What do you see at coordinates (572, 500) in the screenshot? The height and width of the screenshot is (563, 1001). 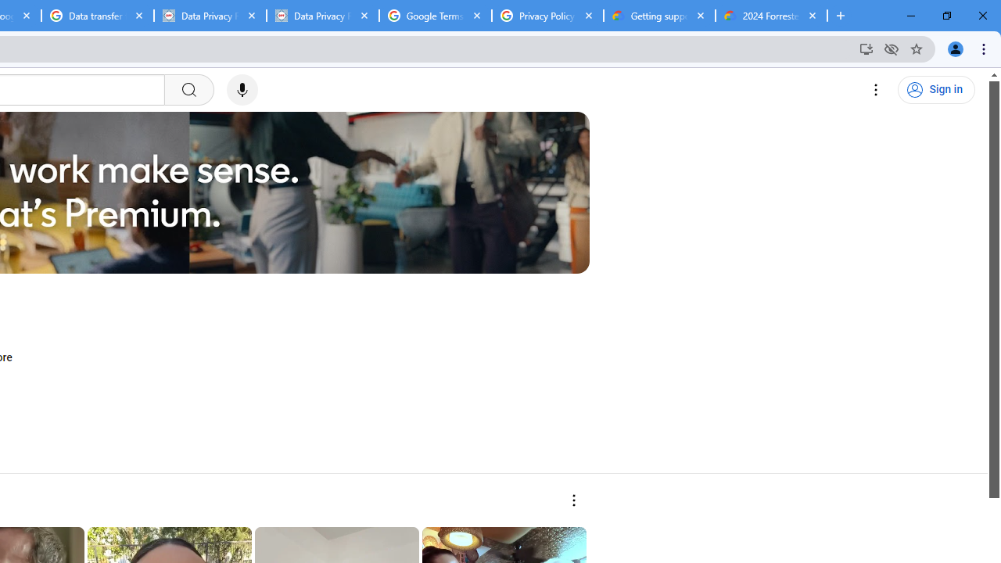 I see `'More actions'` at bounding box center [572, 500].